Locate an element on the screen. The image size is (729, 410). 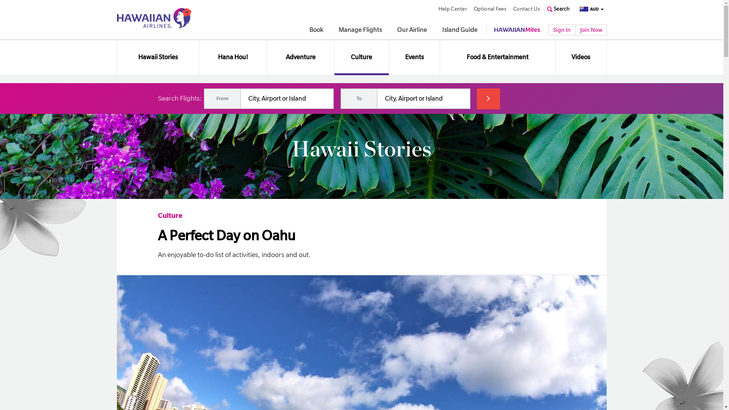
'Optional Fees' is located at coordinates (490, 9).